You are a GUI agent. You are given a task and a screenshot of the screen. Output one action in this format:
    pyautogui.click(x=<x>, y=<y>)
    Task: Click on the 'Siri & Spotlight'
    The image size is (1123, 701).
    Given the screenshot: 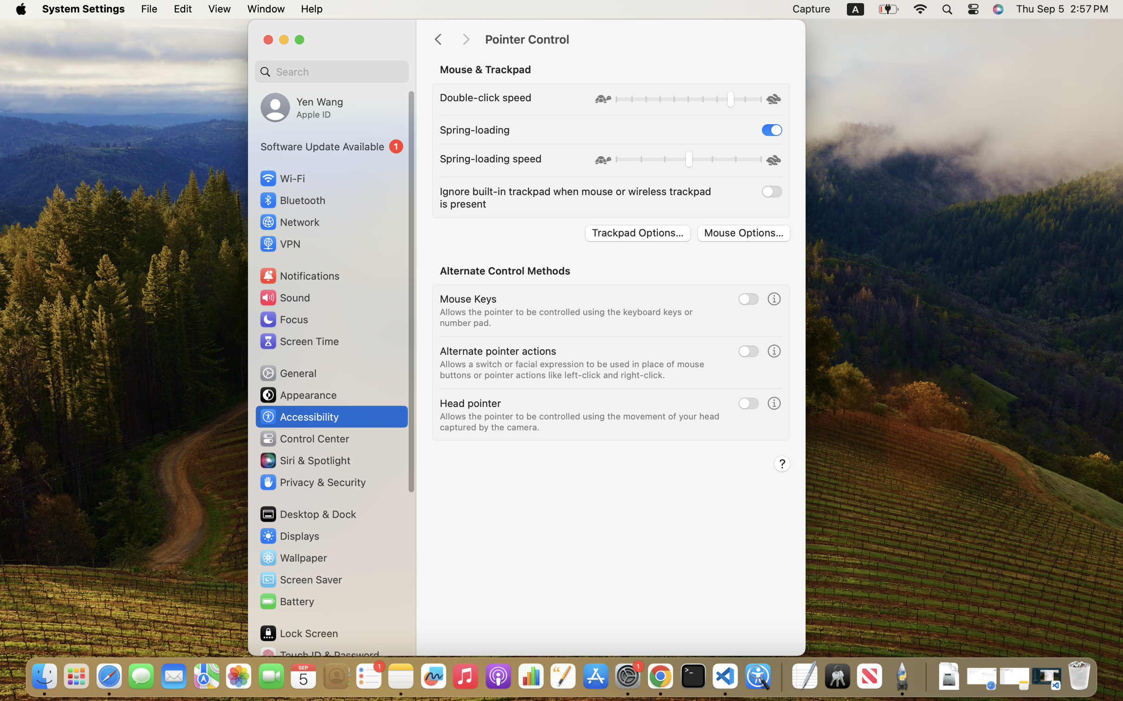 What is the action you would take?
    pyautogui.click(x=304, y=460)
    